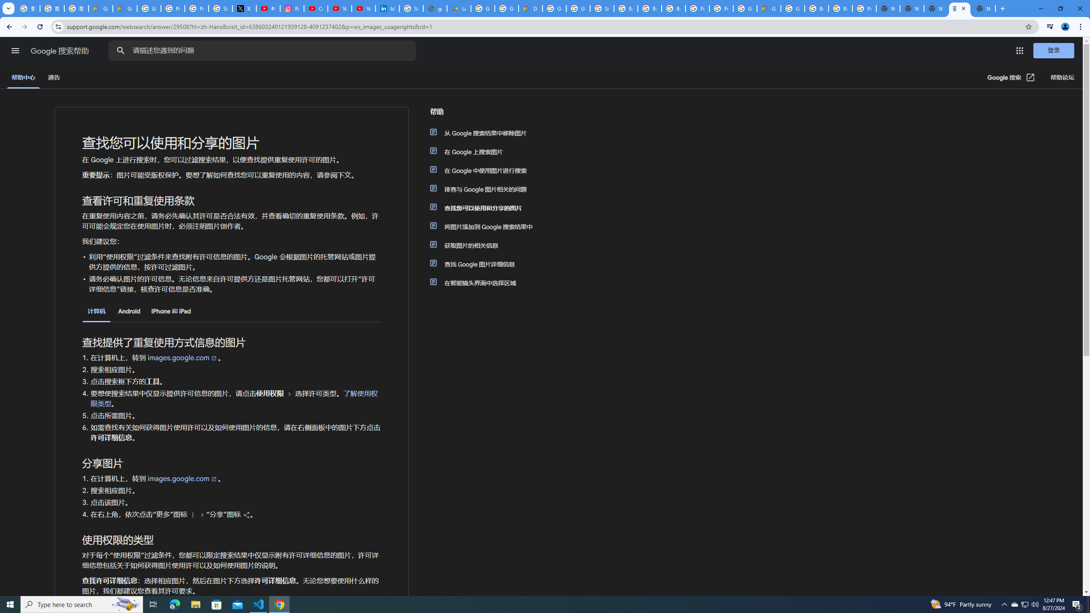 This screenshot has height=613, width=1090. What do you see at coordinates (129, 311) in the screenshot?
I see `'Android'` at bounding box center [129, 311].